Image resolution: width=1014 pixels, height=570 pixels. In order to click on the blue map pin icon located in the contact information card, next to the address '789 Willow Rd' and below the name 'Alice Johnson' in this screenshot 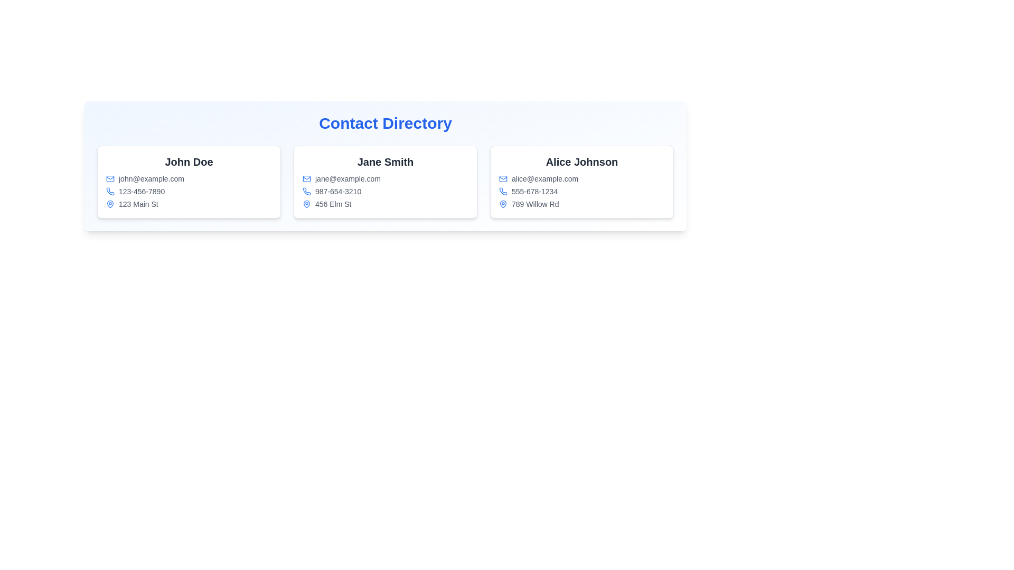, I will do `click(503, 204)`.